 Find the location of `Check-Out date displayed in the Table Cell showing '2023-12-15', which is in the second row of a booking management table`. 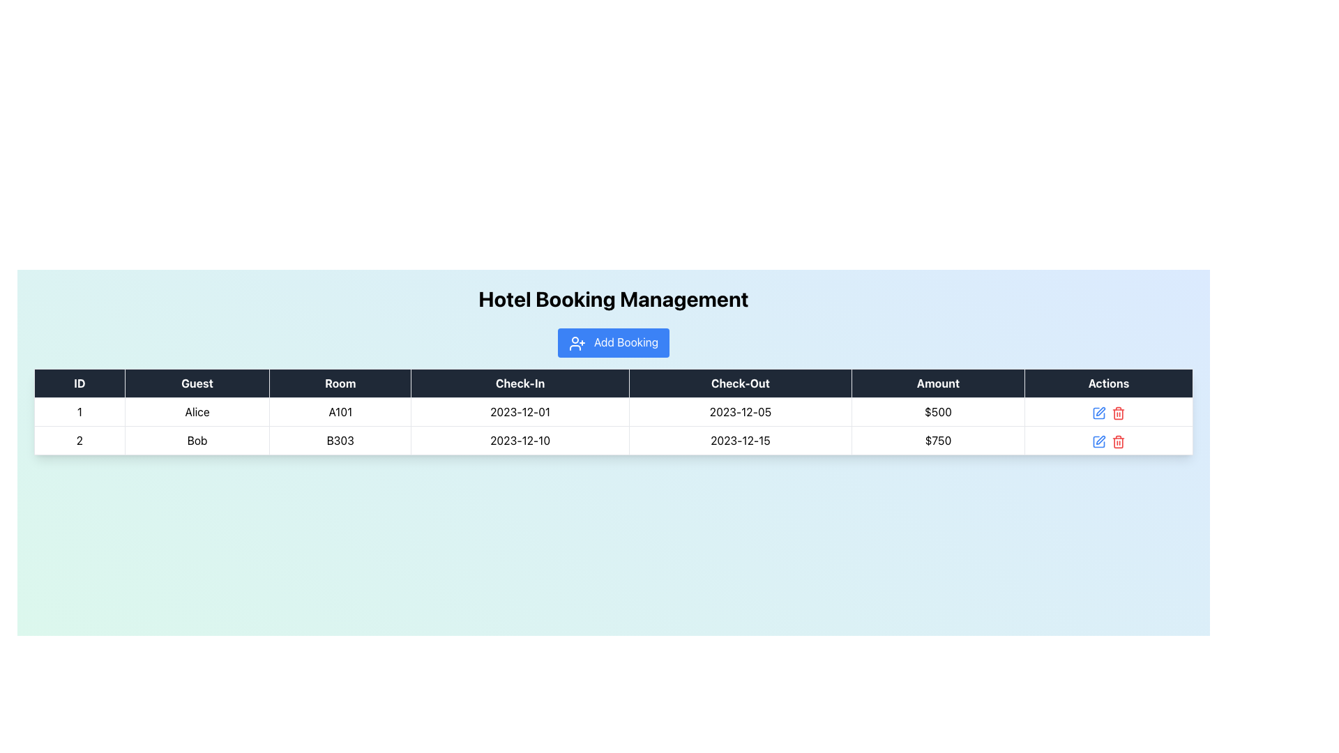

Check-Out date displayed in the Table Cell showing '2023-12-15', which is in the second row of a booking management table is located at coordinates (739, 440).